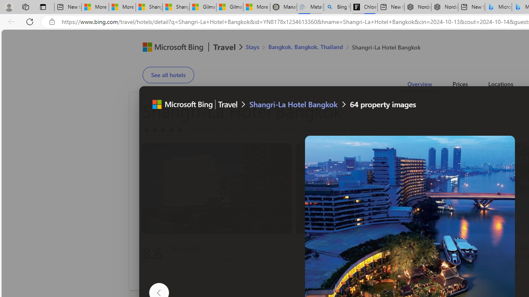  What do you see at coordinates (364, 7) in the screenshot?
I see `'Chloe Sorvino'` at bounding box center [364, 7].